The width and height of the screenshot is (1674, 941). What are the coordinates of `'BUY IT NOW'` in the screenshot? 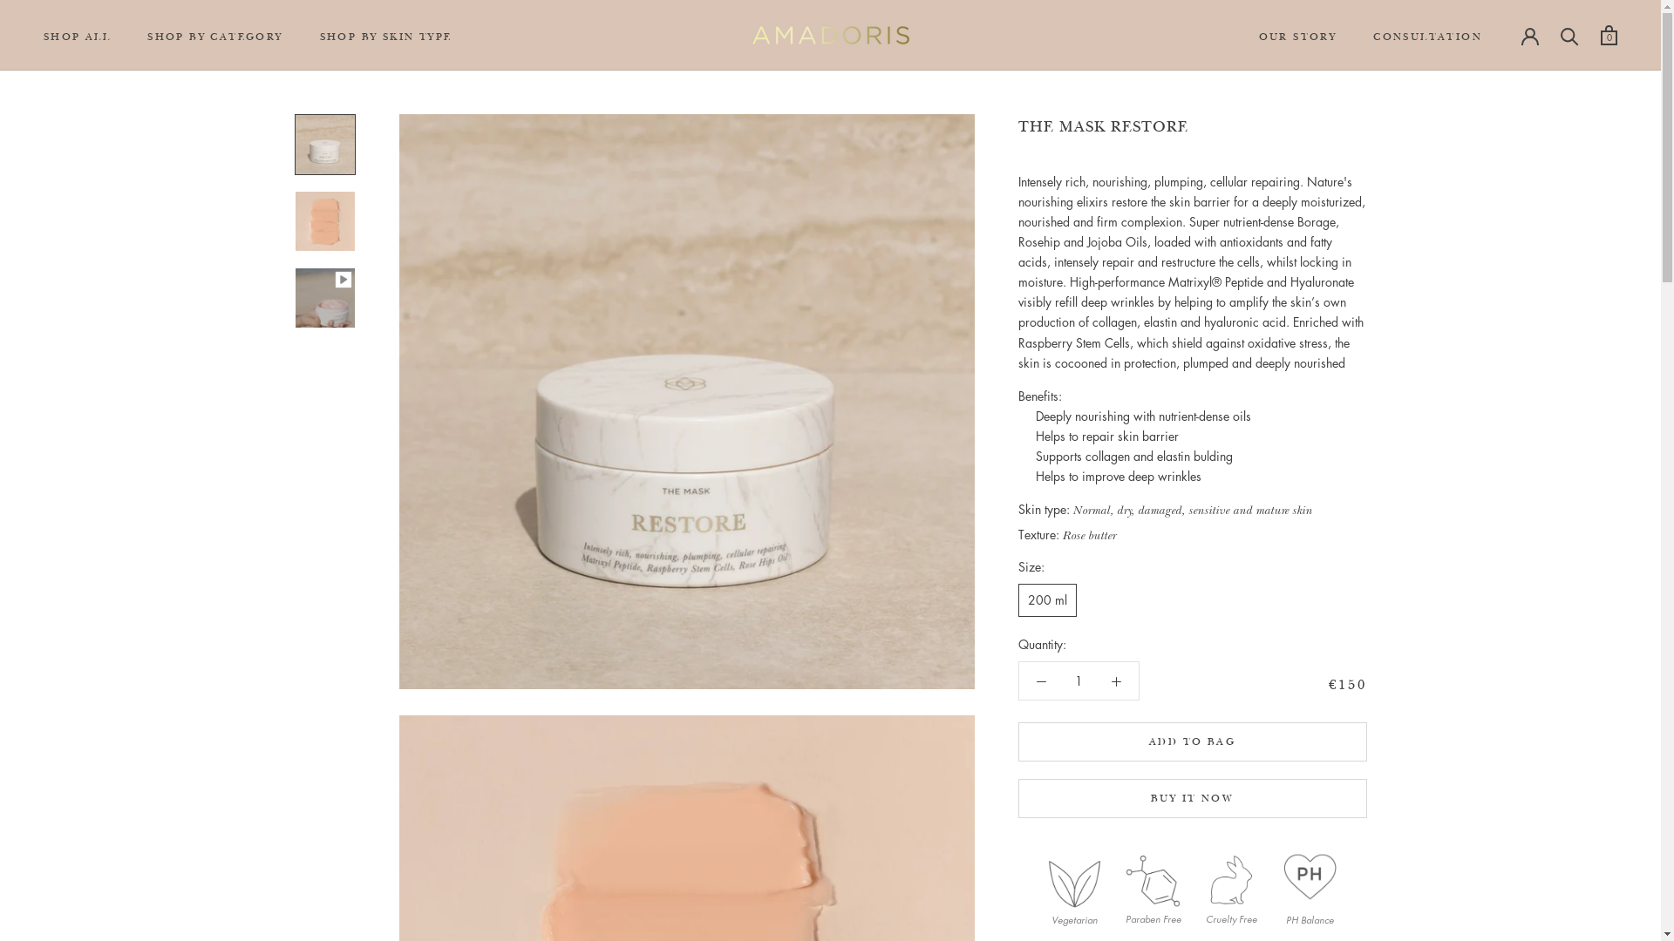 It's located at (1192, 798).